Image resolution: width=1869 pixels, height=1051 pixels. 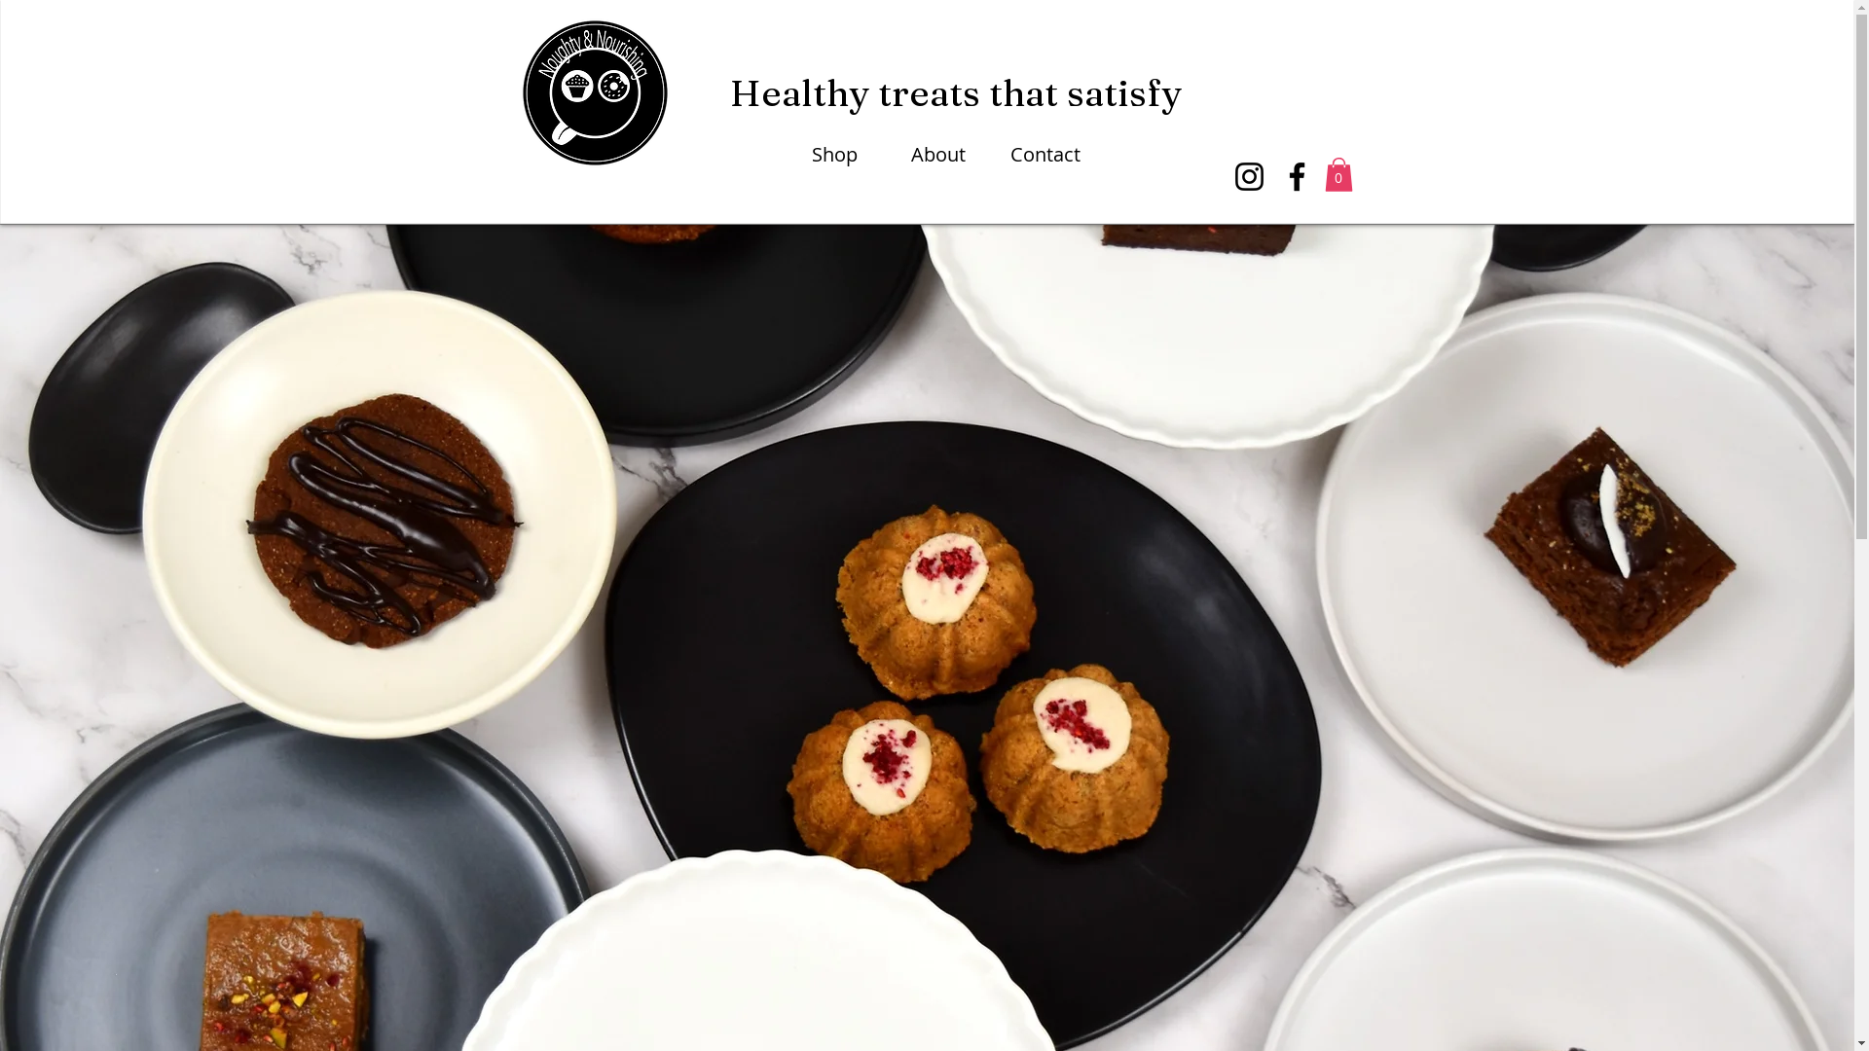 What do you see at coordinates (1337, 173) in the screenshot?
I see `'0'` at bounding box center [1337, 173].